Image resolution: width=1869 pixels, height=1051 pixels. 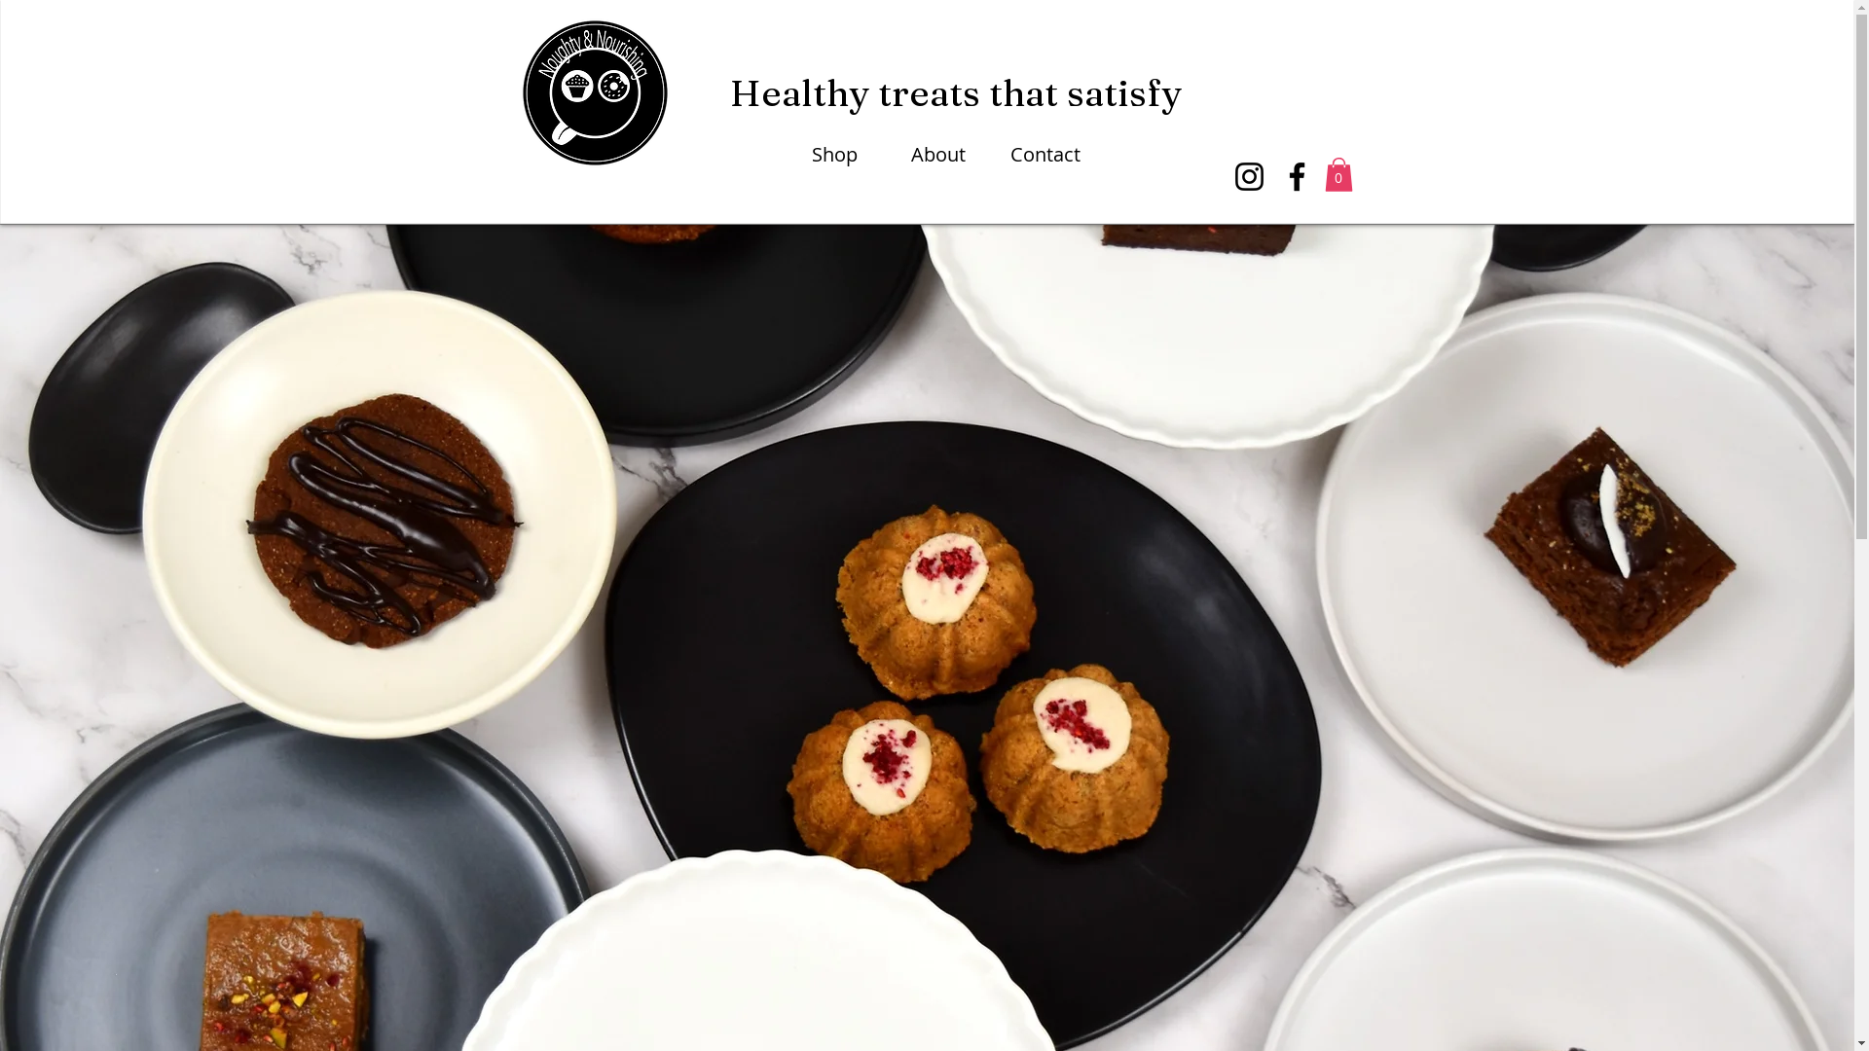 What do you see at coordinates (1337, 173) in the screenshot?
I see `'0'` at bounding box center [1337, 173].